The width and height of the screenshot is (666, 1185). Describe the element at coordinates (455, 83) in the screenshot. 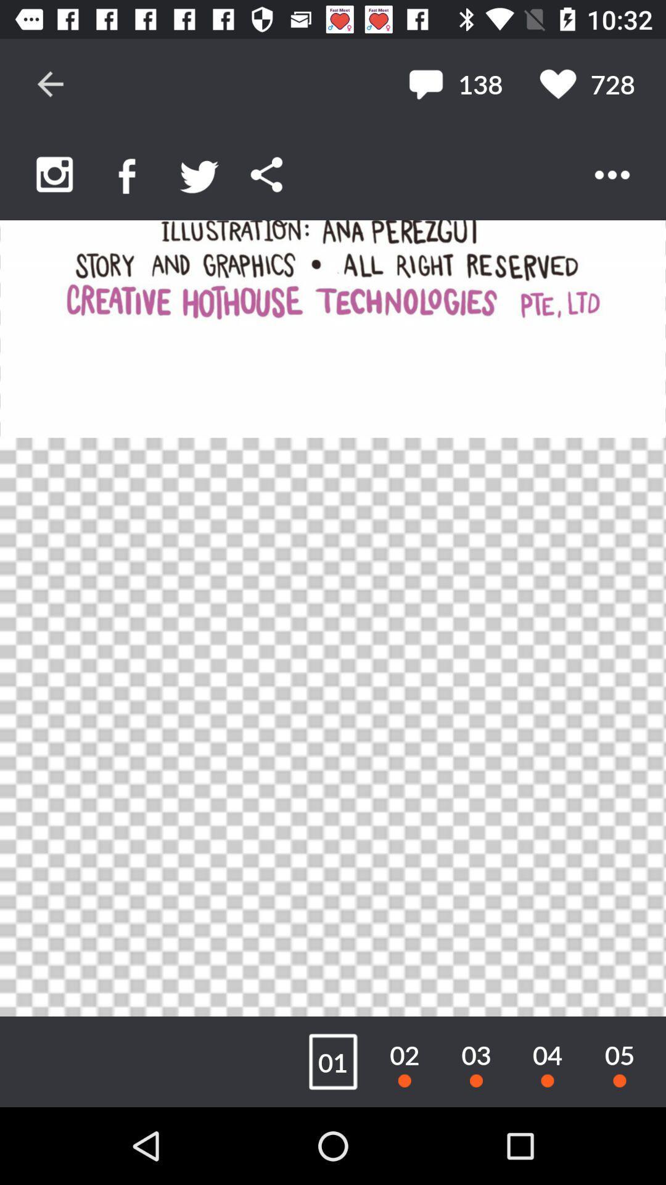

I see `138` at that location.